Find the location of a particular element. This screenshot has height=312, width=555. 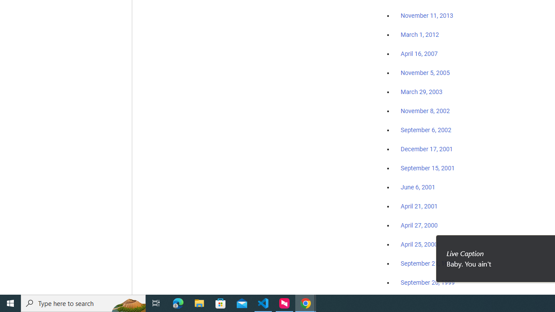

'April 27, 2000' is located at coordinates (419, 225).